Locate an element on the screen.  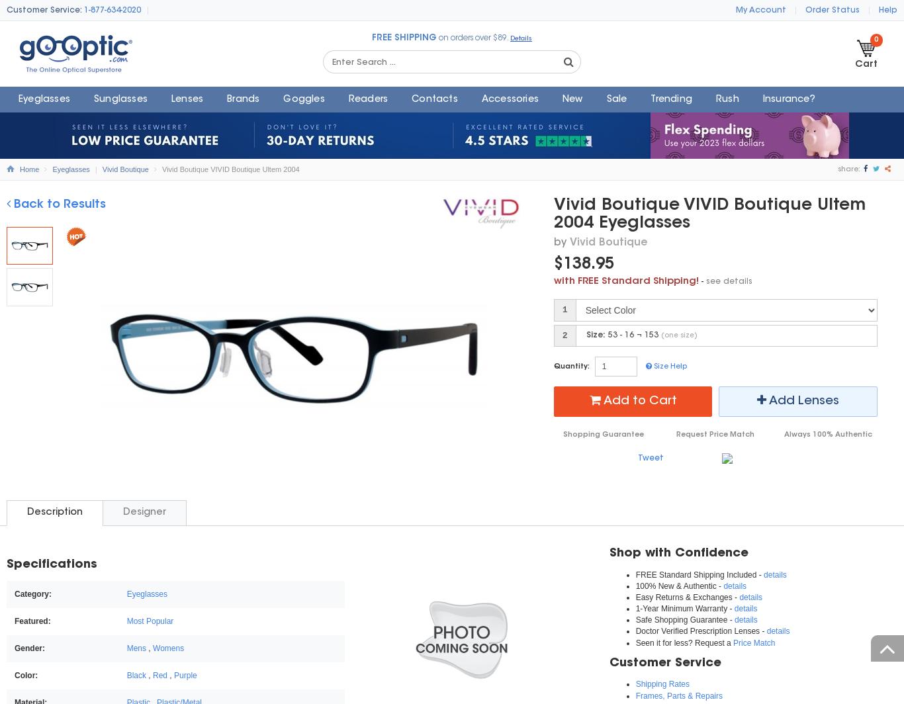
'Add to Cart' is located at coordinates (639, 400).